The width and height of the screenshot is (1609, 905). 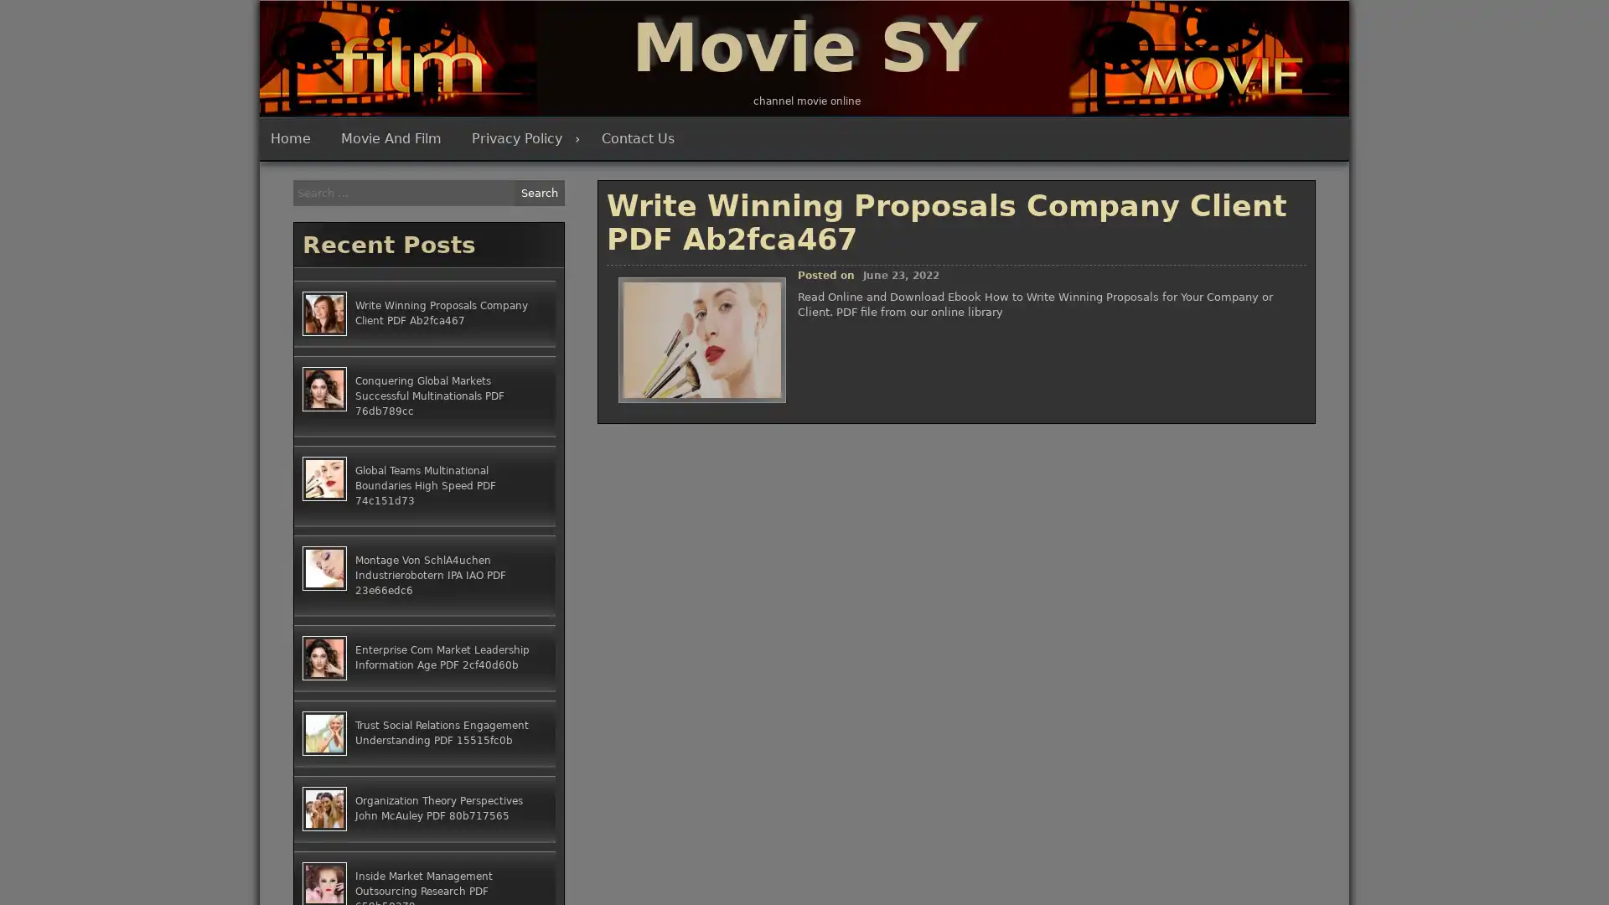 What do you see at coordinates (539, 192) in the screenshot?
I see `Search` at bounding box center [539, 192].